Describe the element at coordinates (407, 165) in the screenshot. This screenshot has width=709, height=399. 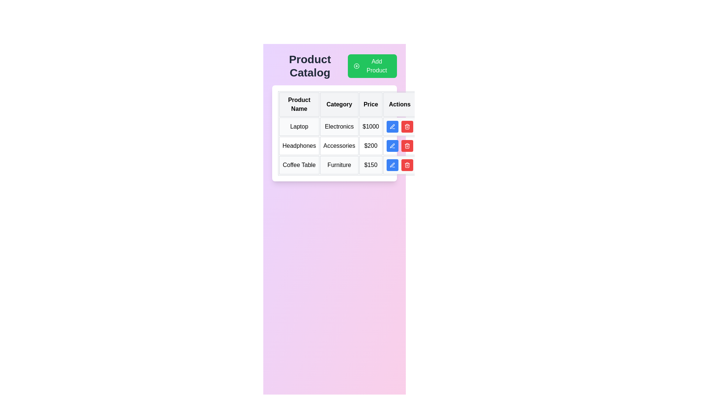
I see `the trash icon button for the delete action in the 'Actions' column of the table, which corresponds to the 'Coffee Table' item` at that location.